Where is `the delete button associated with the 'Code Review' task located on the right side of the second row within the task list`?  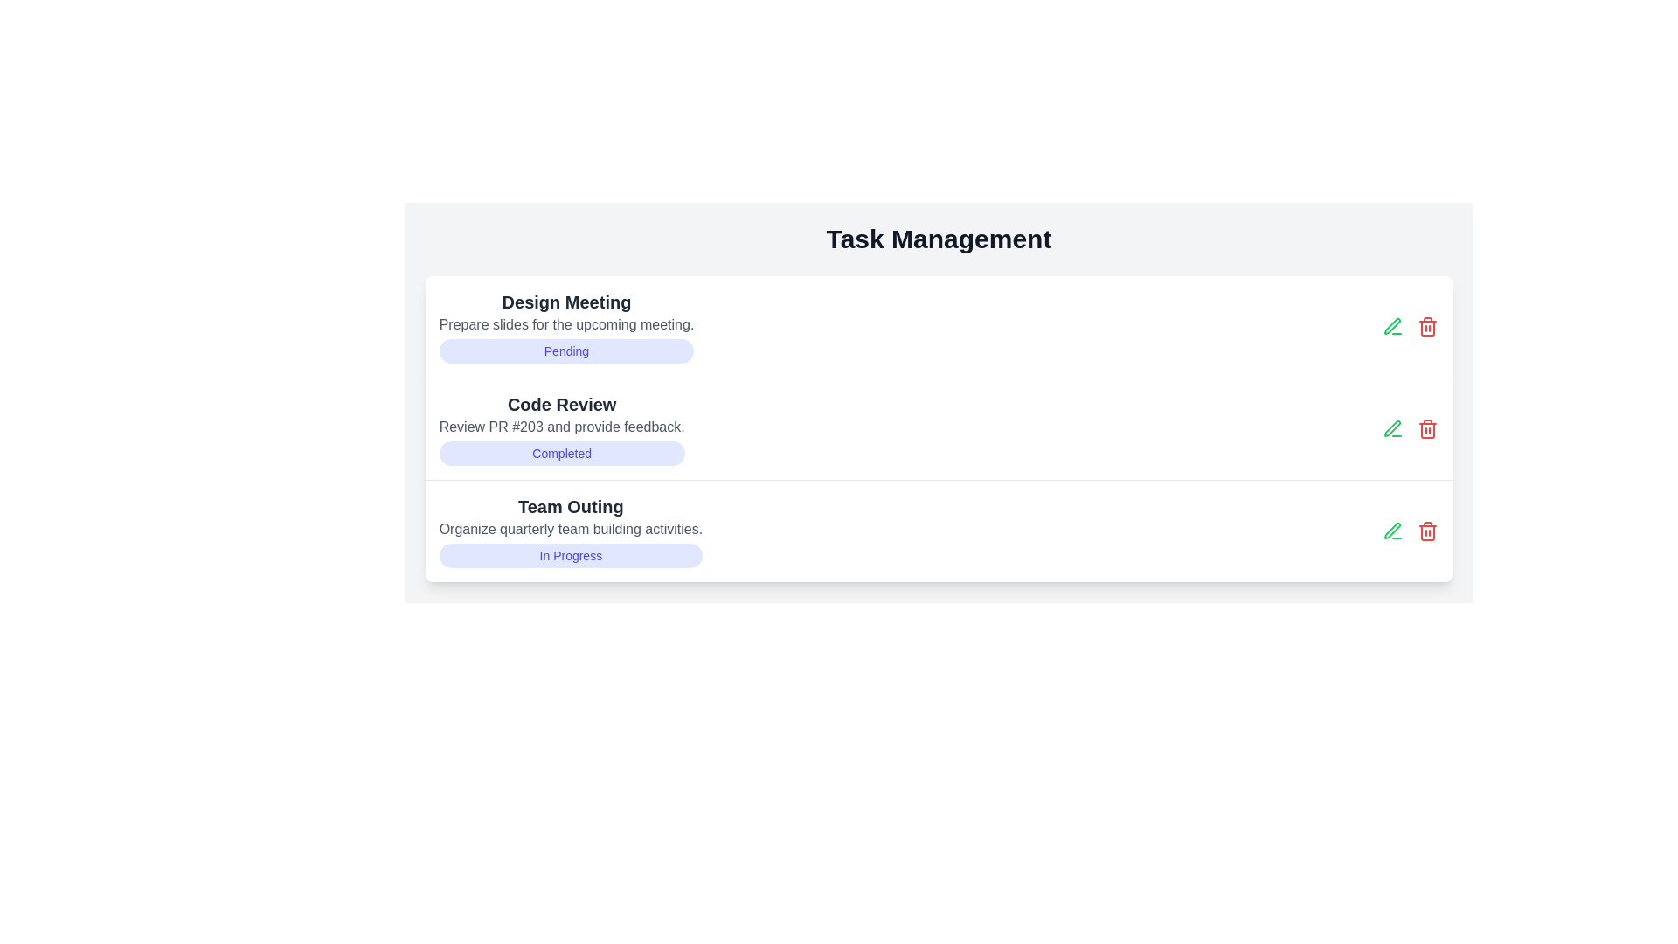
the delete button associated with the 'Code Review' task located on the right side of the second row within the task list is located at coordinates (1428, 428).